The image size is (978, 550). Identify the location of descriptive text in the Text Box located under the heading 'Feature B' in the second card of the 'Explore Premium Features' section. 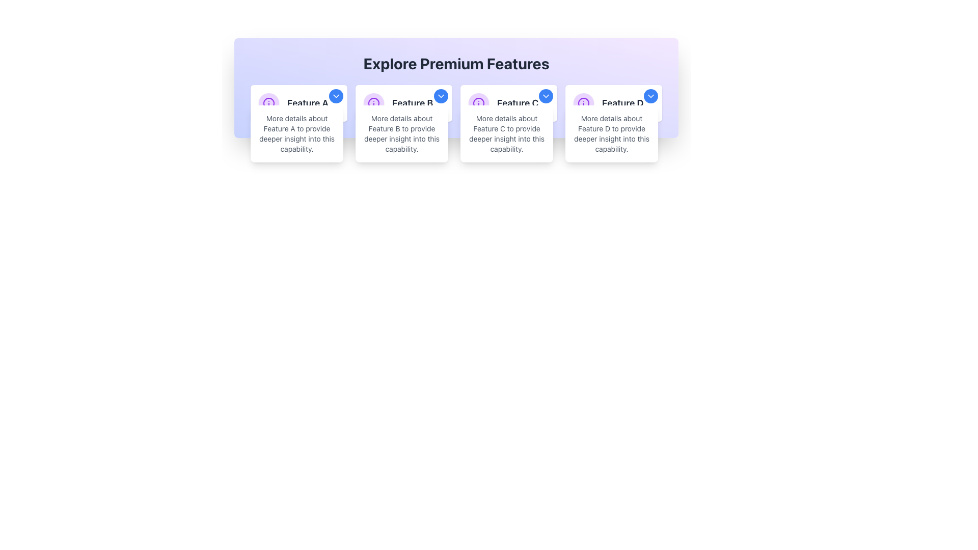
(401, 133).